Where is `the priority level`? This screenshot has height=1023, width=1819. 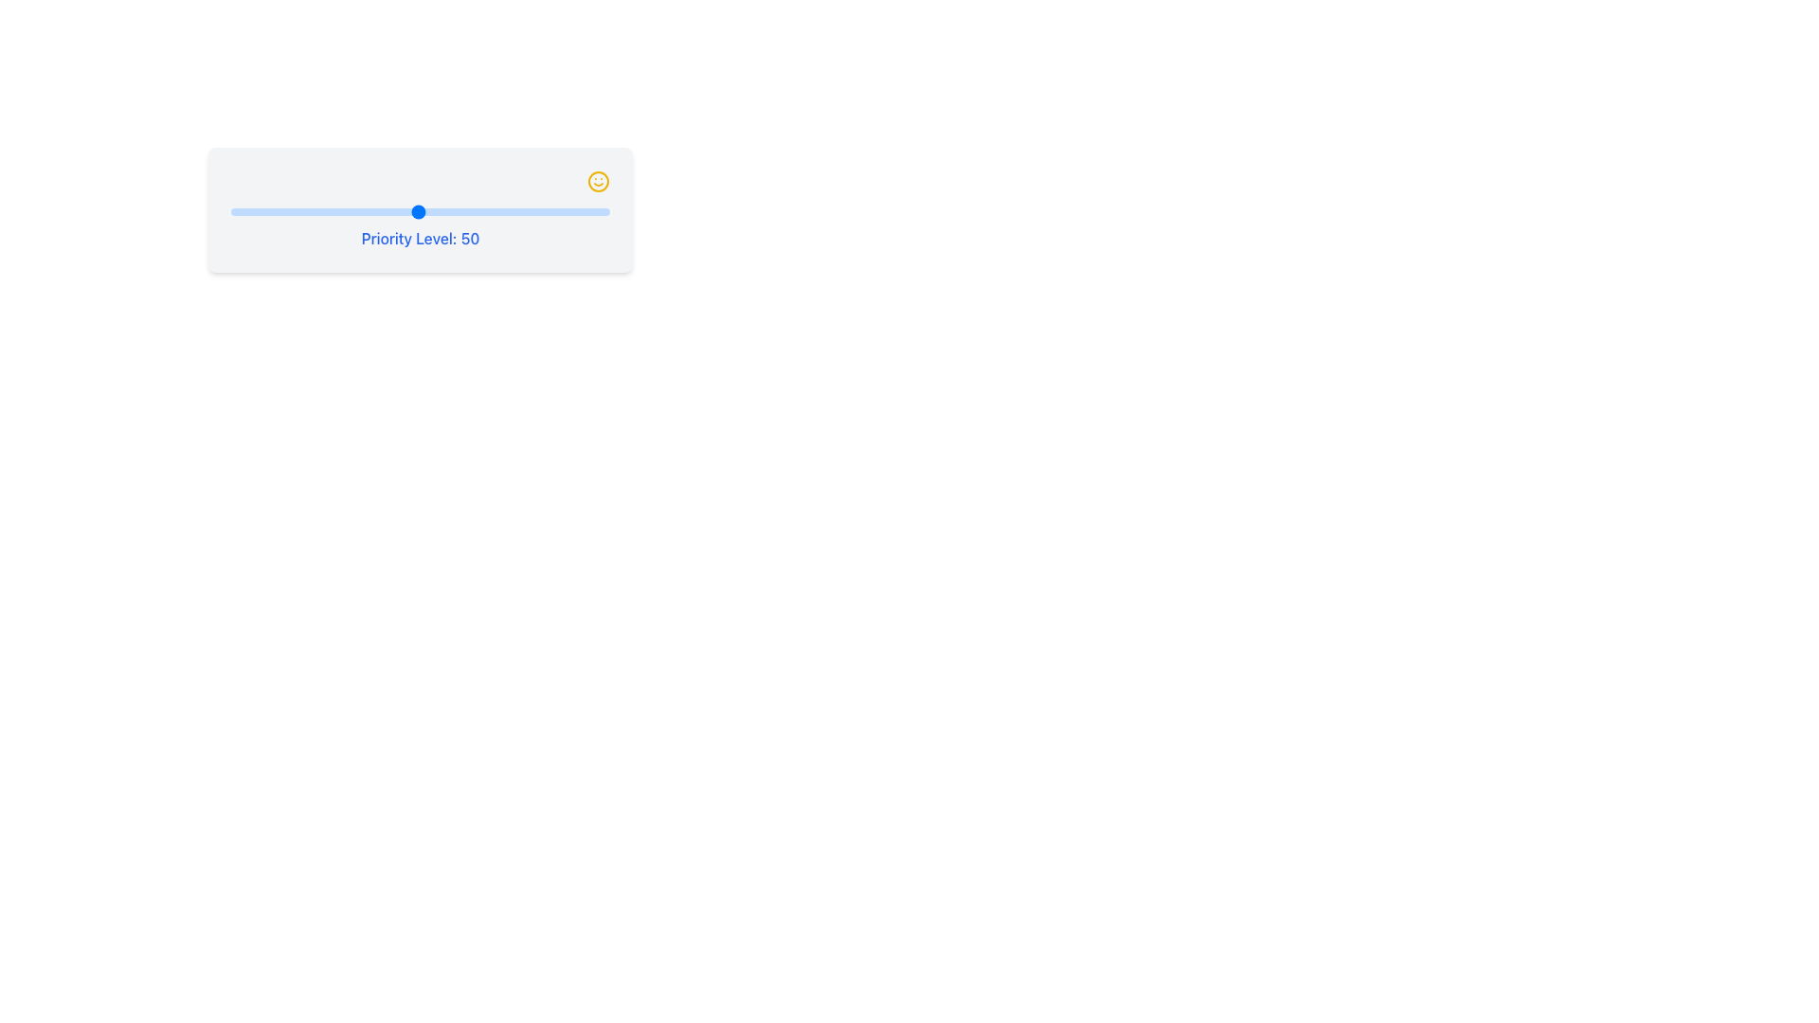 the priority level is located at coordinates (291, 211).